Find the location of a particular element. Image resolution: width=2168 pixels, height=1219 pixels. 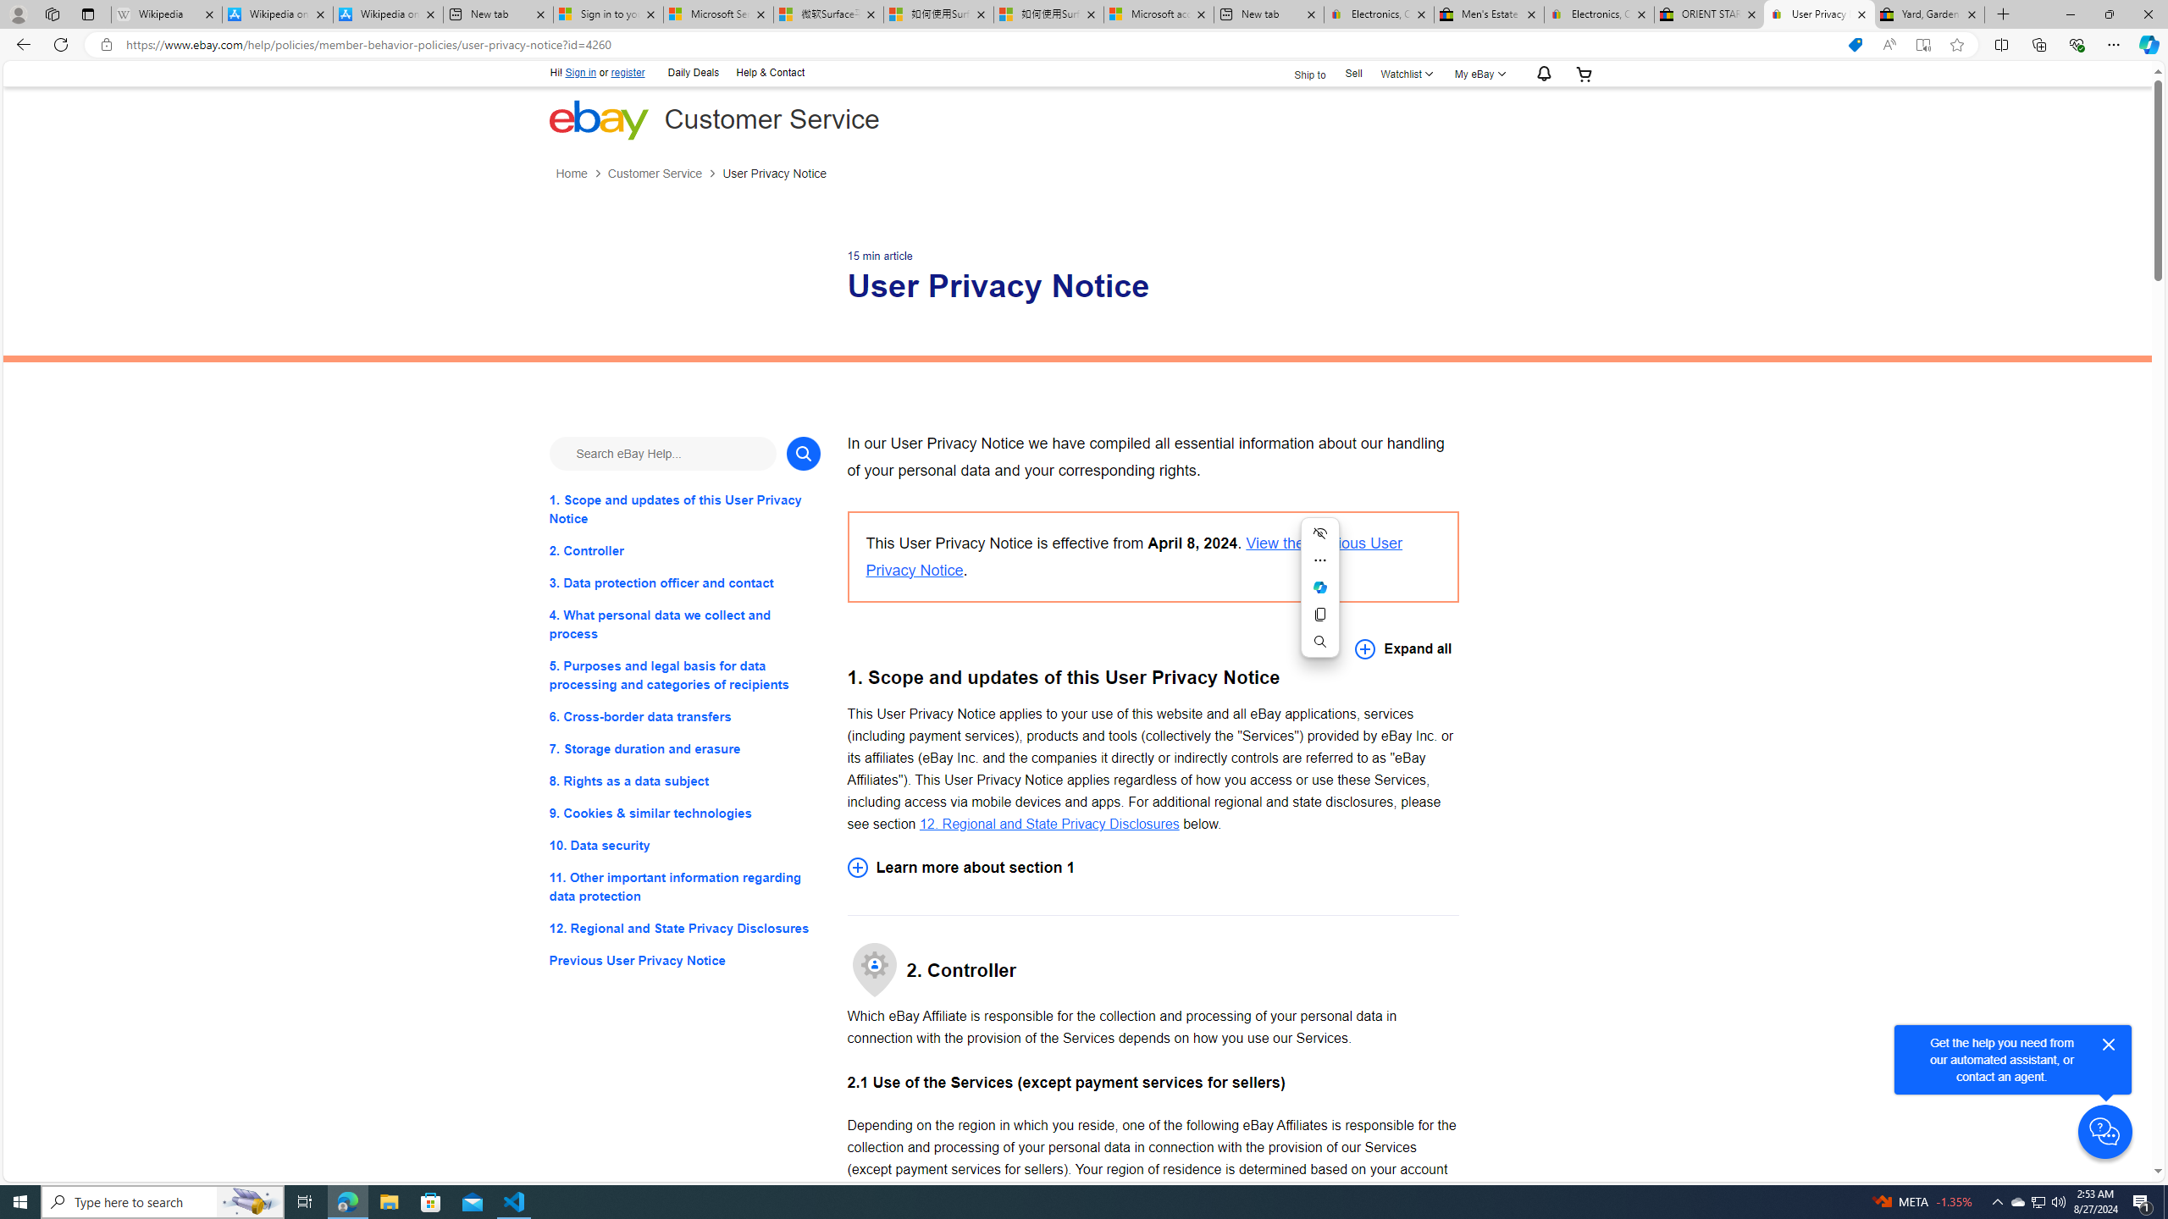

'Mini menu on text selection' is located at coordinates (1319, 587).